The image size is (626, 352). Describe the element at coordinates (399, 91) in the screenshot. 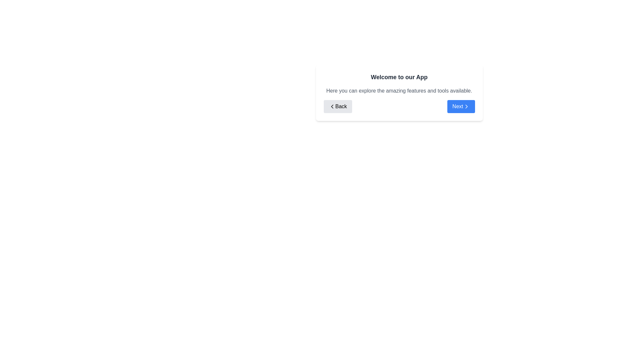

I see `the text element that provides a brief descriptive summary of the available features and tools, located directly below the 'Welcome to our App' heading` at that location.